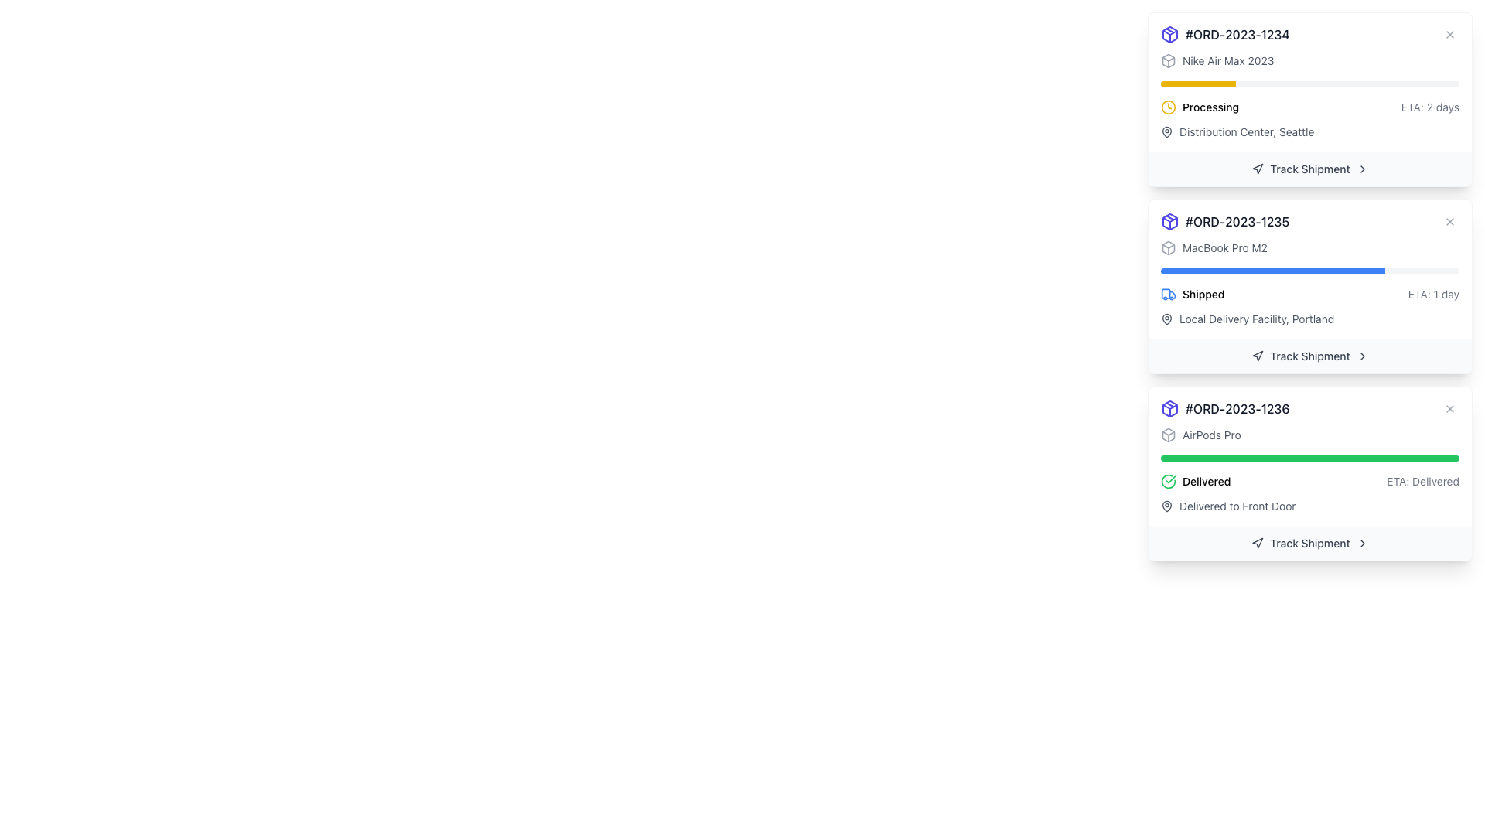 This screenshot has width=1485, height=835. I want to click on the status, so click(1309, 106).